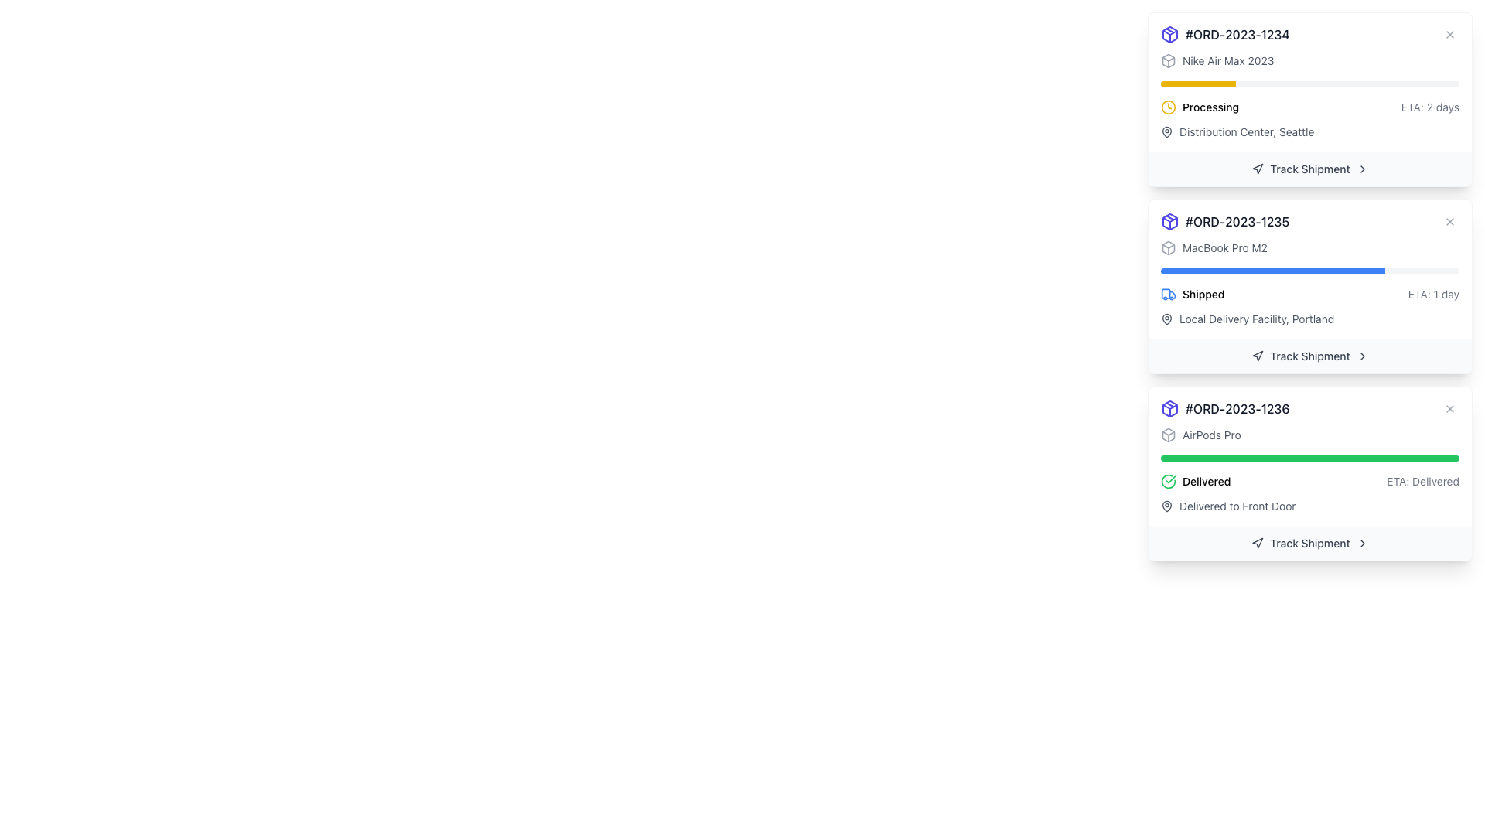 This screenshot has width=1485, height=835. I want to click on the status, so click(1309, 106).